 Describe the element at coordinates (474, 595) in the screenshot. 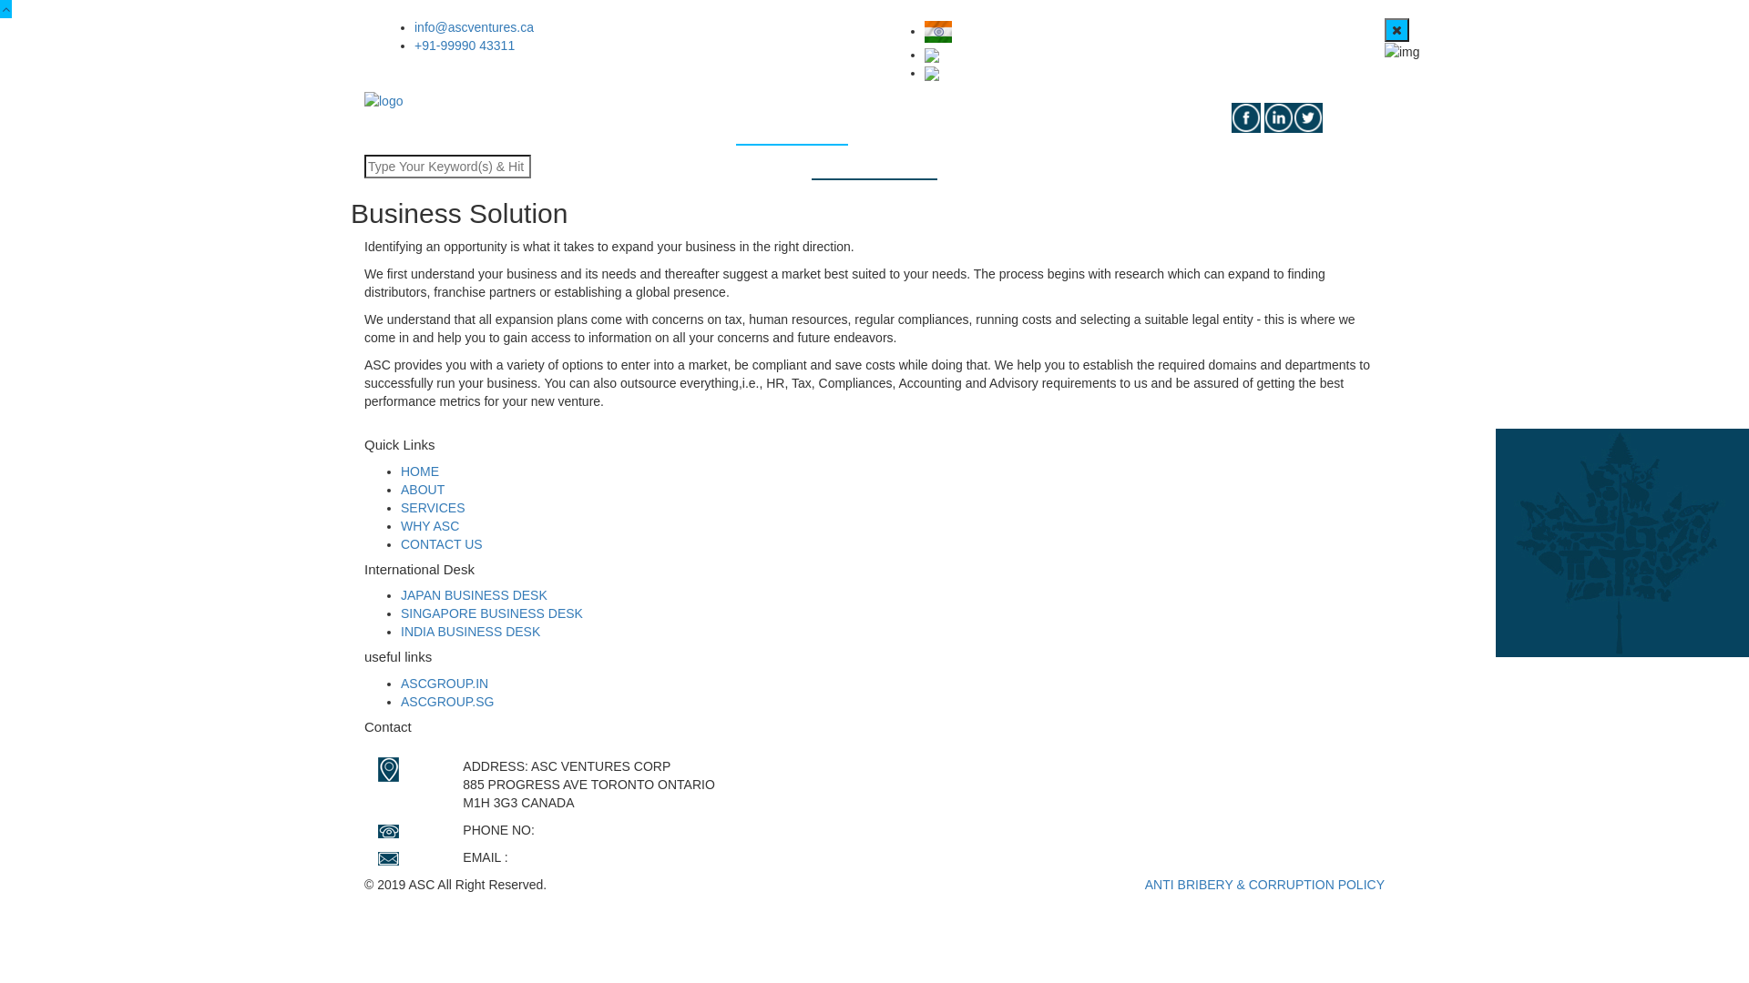

I see `'JAPAN BUSINESS DESK'` at that location.